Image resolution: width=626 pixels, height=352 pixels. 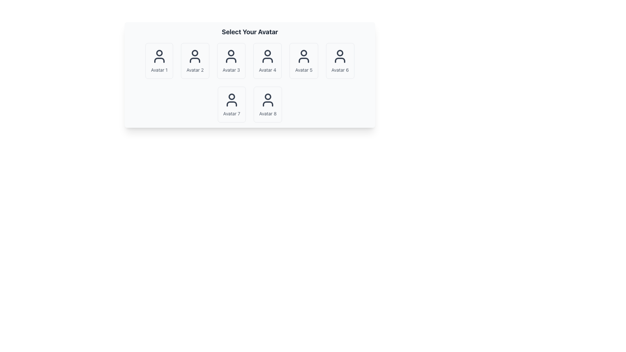 What do you see at coordinates (159, 56) in the screenshot?
I see `the user icon in the first avatar selection card labeled 'Avatar 1', which is styled with a simple outline design and dark gray color` at bounding box center [159, 56].